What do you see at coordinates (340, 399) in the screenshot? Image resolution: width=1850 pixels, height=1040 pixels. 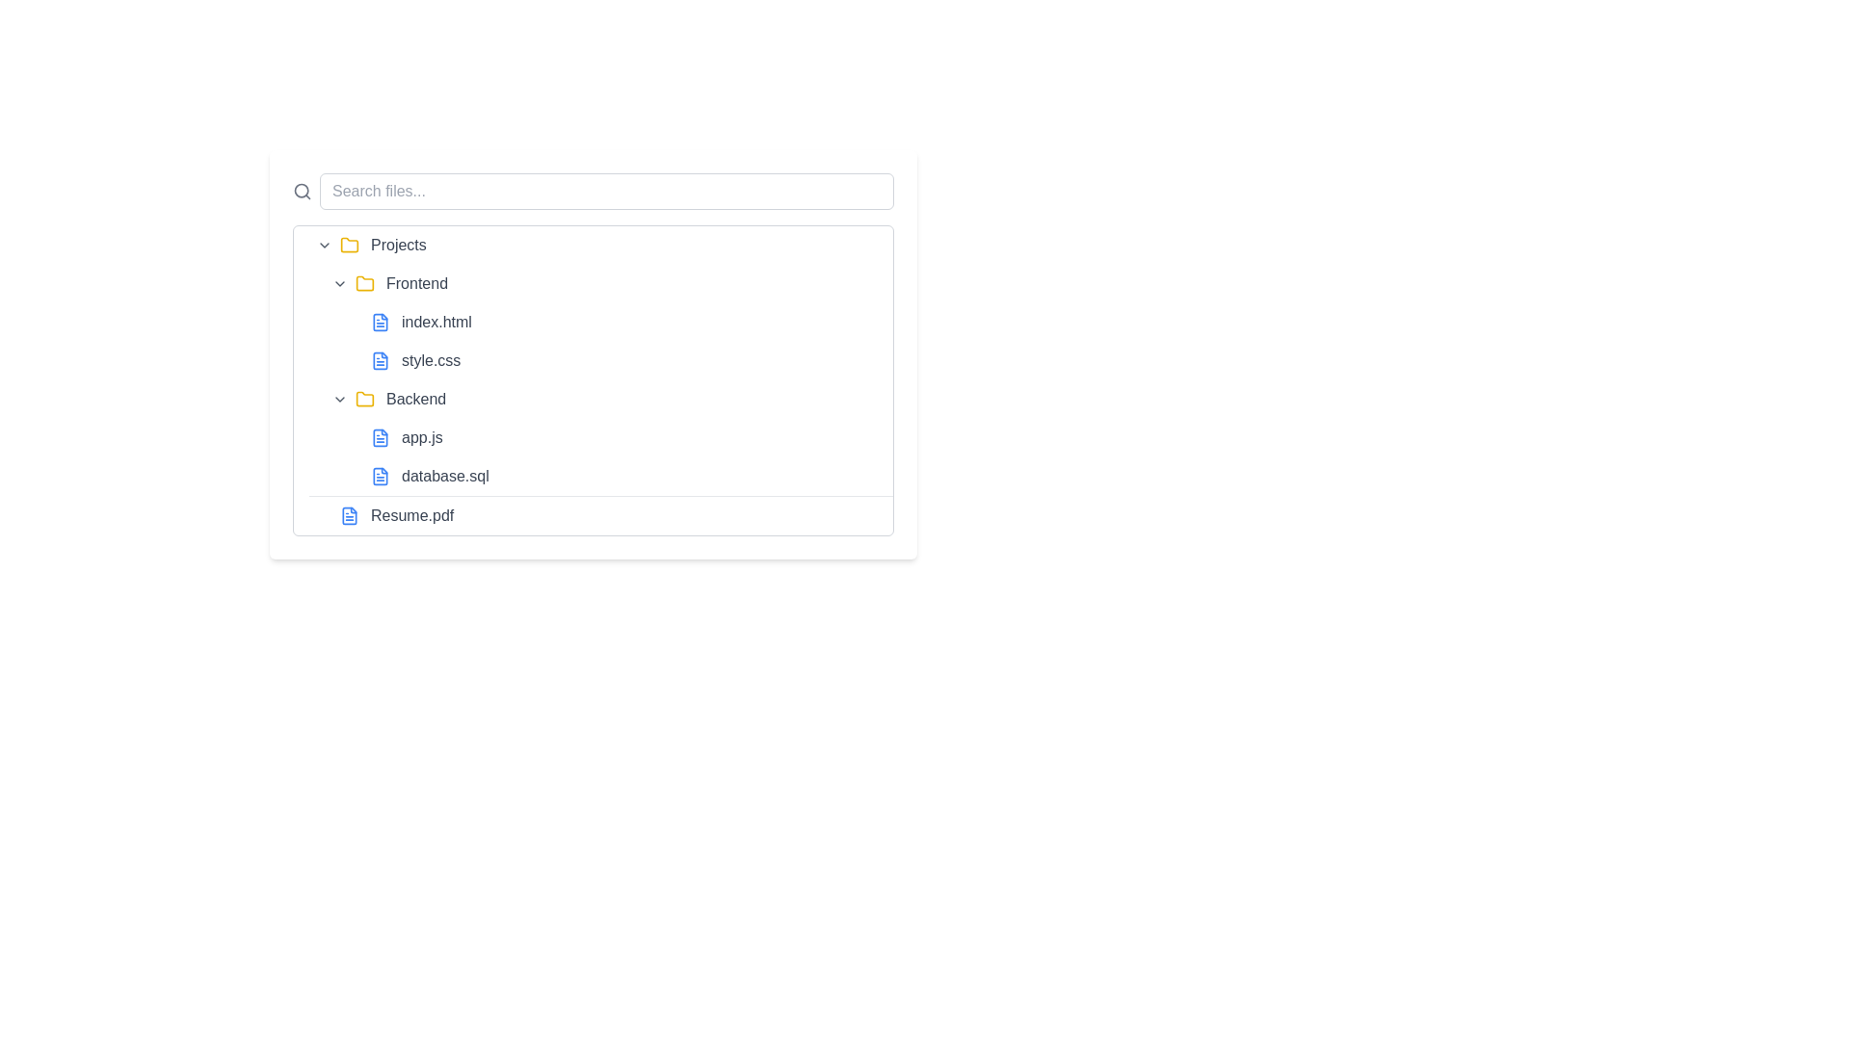 I see `the left-most icon button in the 'Backend' folder directory view` at bounding box center [340, 399].